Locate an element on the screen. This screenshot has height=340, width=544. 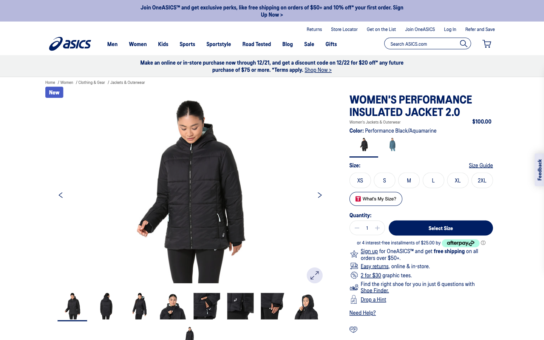
change to aquamarine shade is located at coordinates (392, 146).